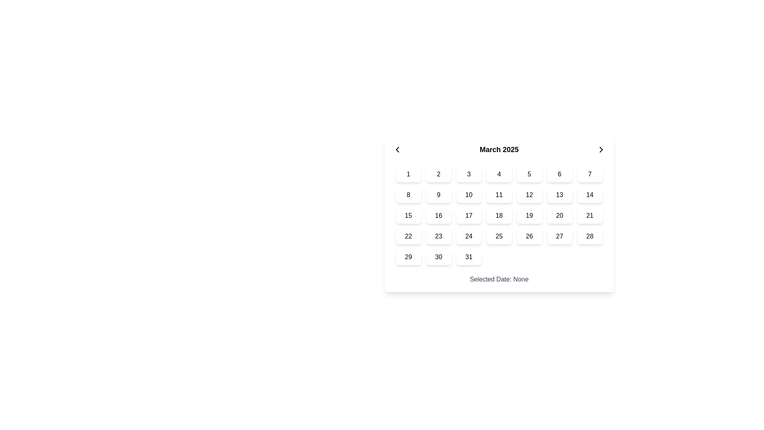 The height and width of the screenshot is (430, 764). Describe the element at coordinates (559, 236) in the screenshot. I see `the date selection button located in the last row and sixth column of the calendar grid` at that location.